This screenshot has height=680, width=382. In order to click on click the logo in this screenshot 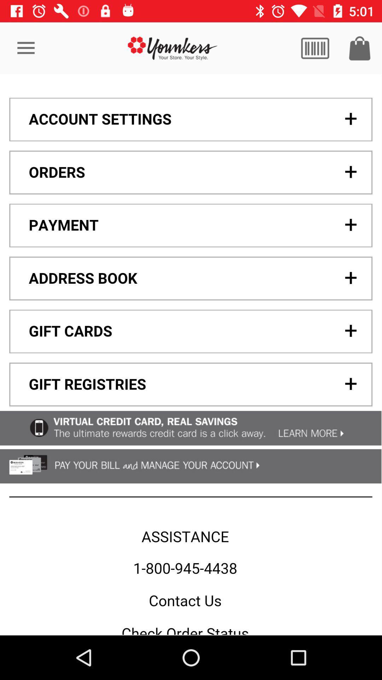, I will do `click(172, 48)`.